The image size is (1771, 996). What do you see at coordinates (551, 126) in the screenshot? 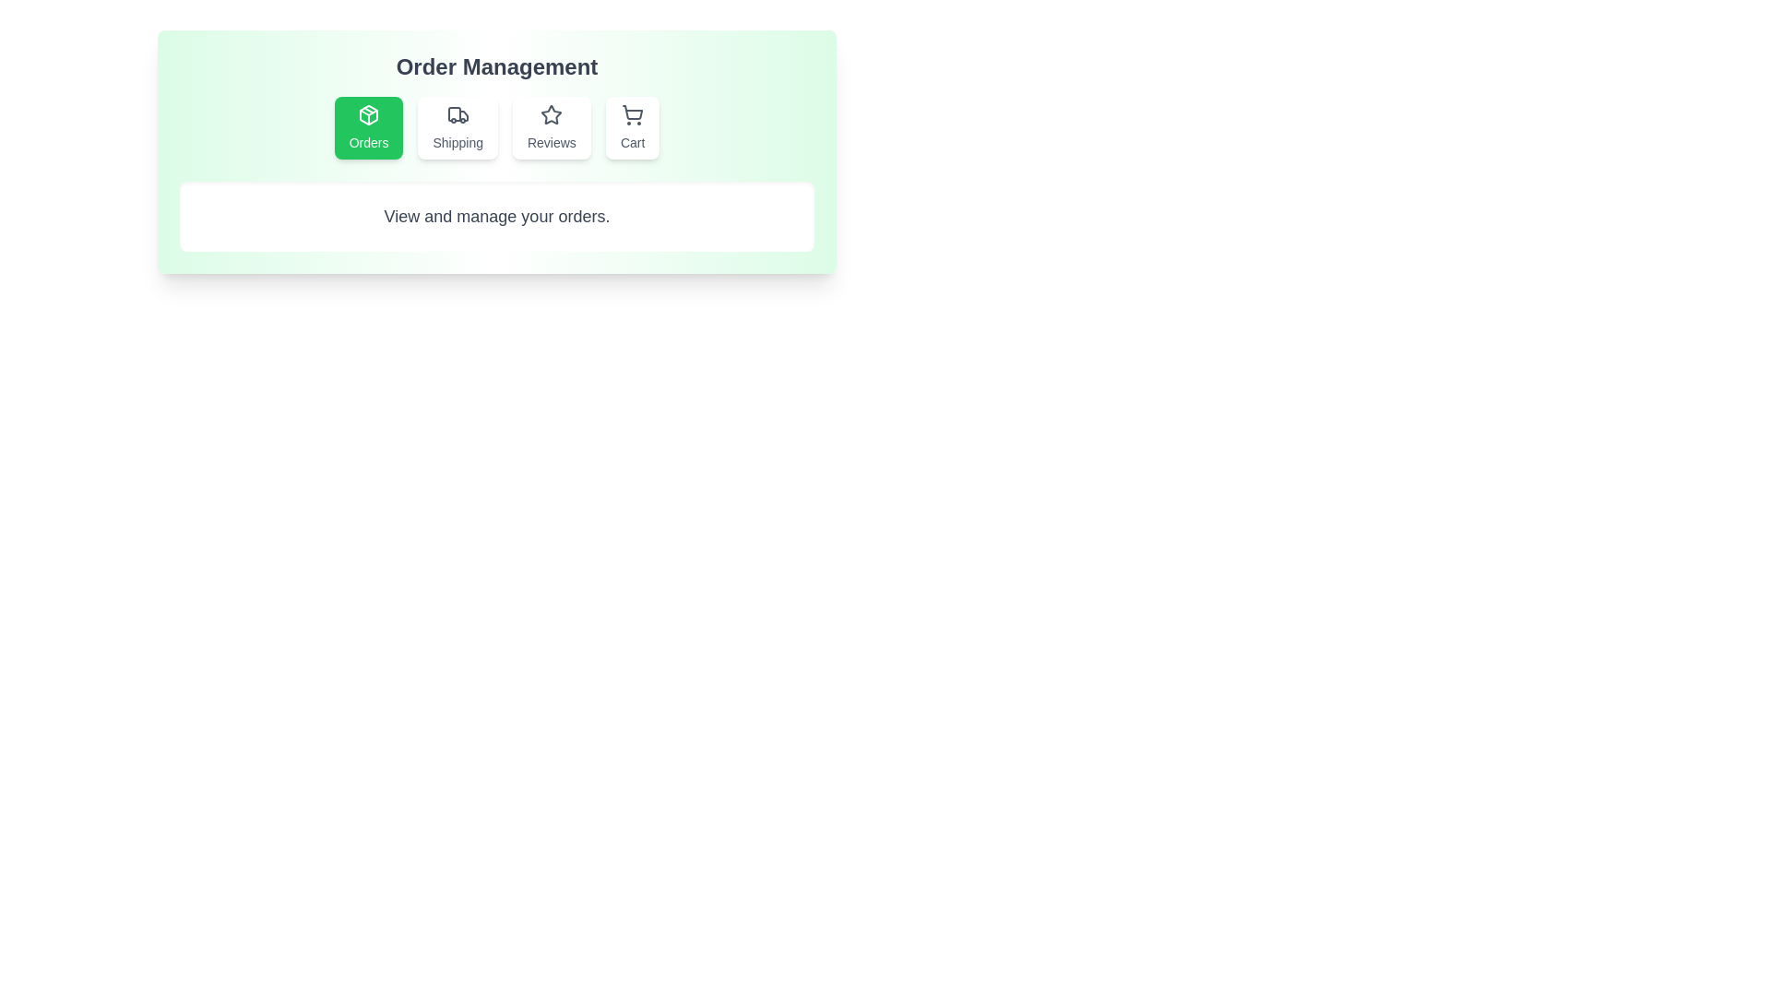
I see `the 'Reviews' button located between the 'Shipping' and 'Cart' buttons in the four-icon menu row` at bounding box center [551, 126].